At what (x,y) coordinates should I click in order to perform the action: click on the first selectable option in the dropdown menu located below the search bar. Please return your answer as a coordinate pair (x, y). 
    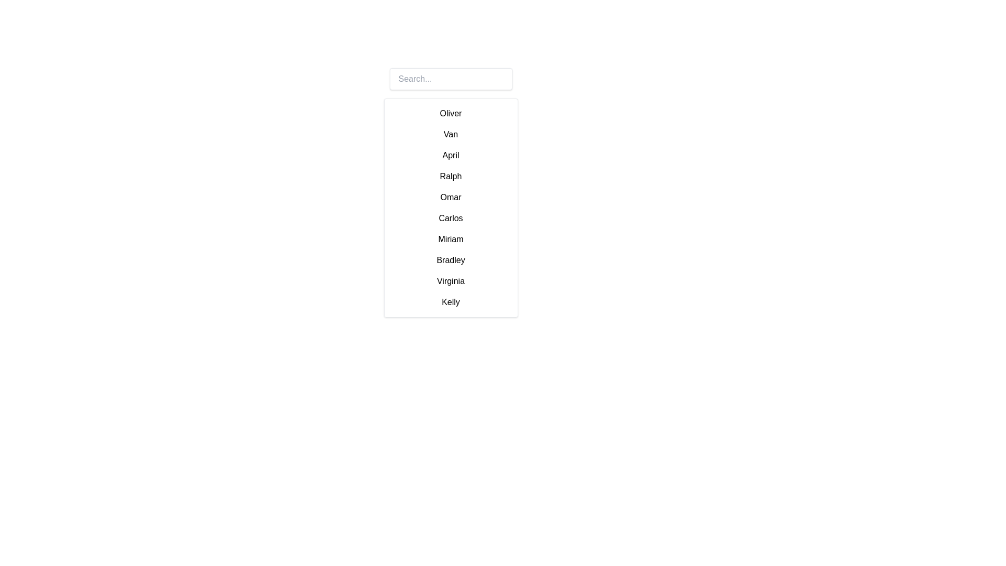
    Looking at the image, I should click on (451, 113).